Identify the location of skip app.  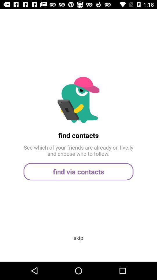
(78, 238).